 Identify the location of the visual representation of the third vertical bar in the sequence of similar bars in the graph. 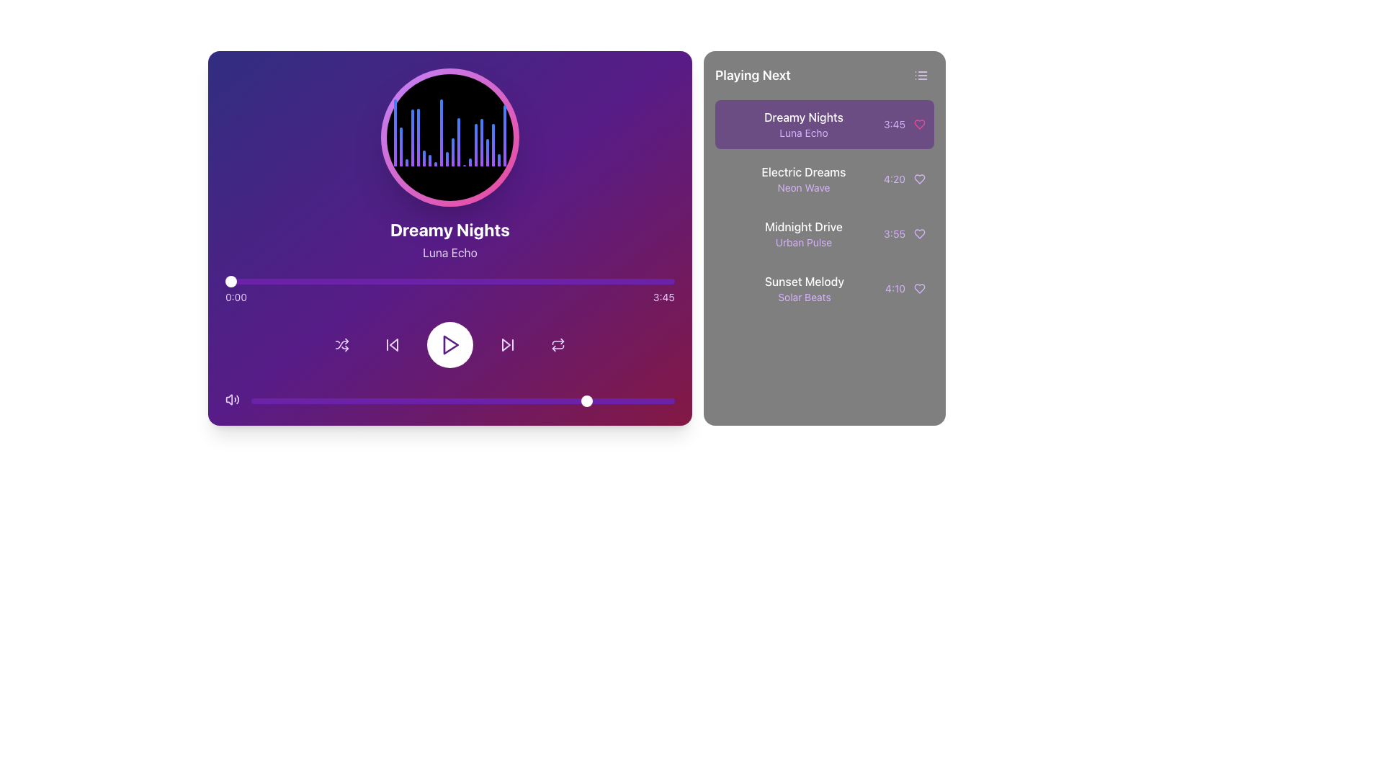
(406, 162).